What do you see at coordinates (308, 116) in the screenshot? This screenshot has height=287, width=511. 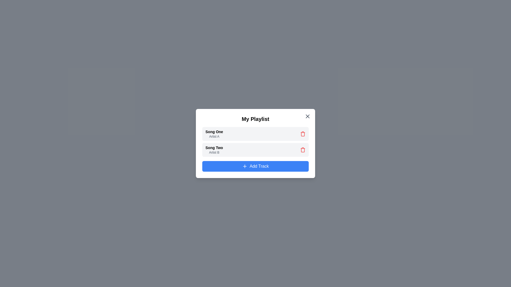 I see `the diagonal line element of the 'X' icon located in the top-right corner of the playlist dialog box, near the title 'My Playlist'` at bounding box center [308, 116].